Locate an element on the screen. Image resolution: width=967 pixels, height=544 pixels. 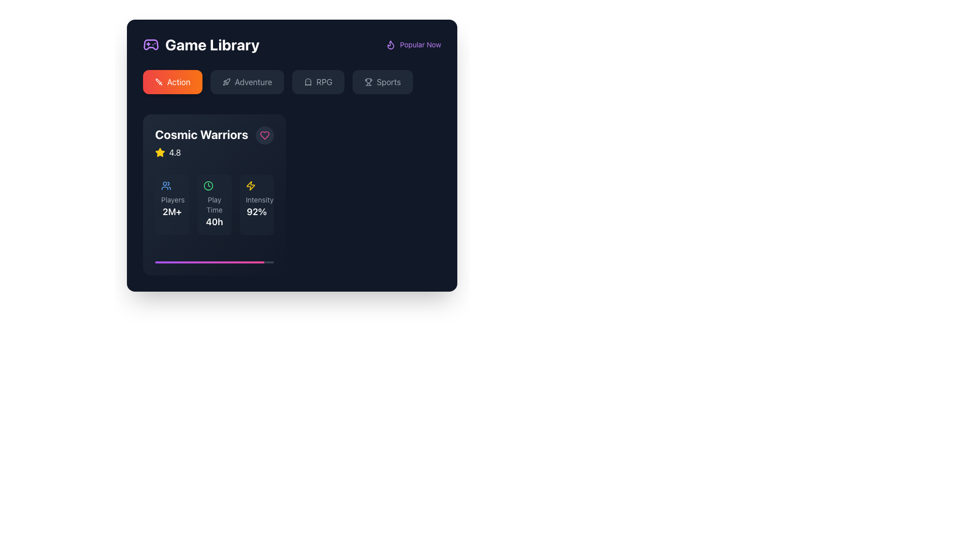
the 'Sports' category icon located in the top right of the category options, adjacent to 'RPG' and 'Adventure' is located at coordinates (368, 81).